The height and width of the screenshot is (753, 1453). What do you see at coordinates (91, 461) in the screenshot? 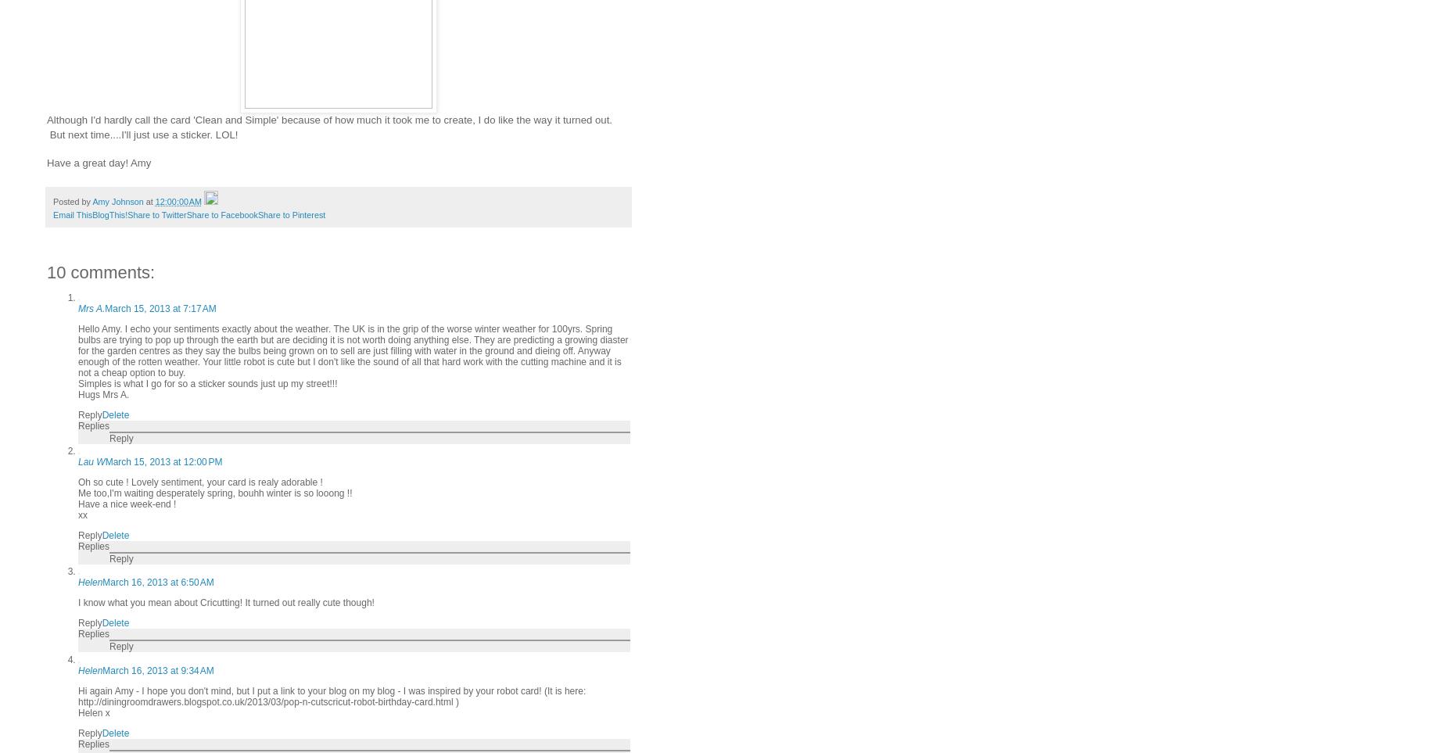
I see `'Lau W'` at bounding box center [91, 461].